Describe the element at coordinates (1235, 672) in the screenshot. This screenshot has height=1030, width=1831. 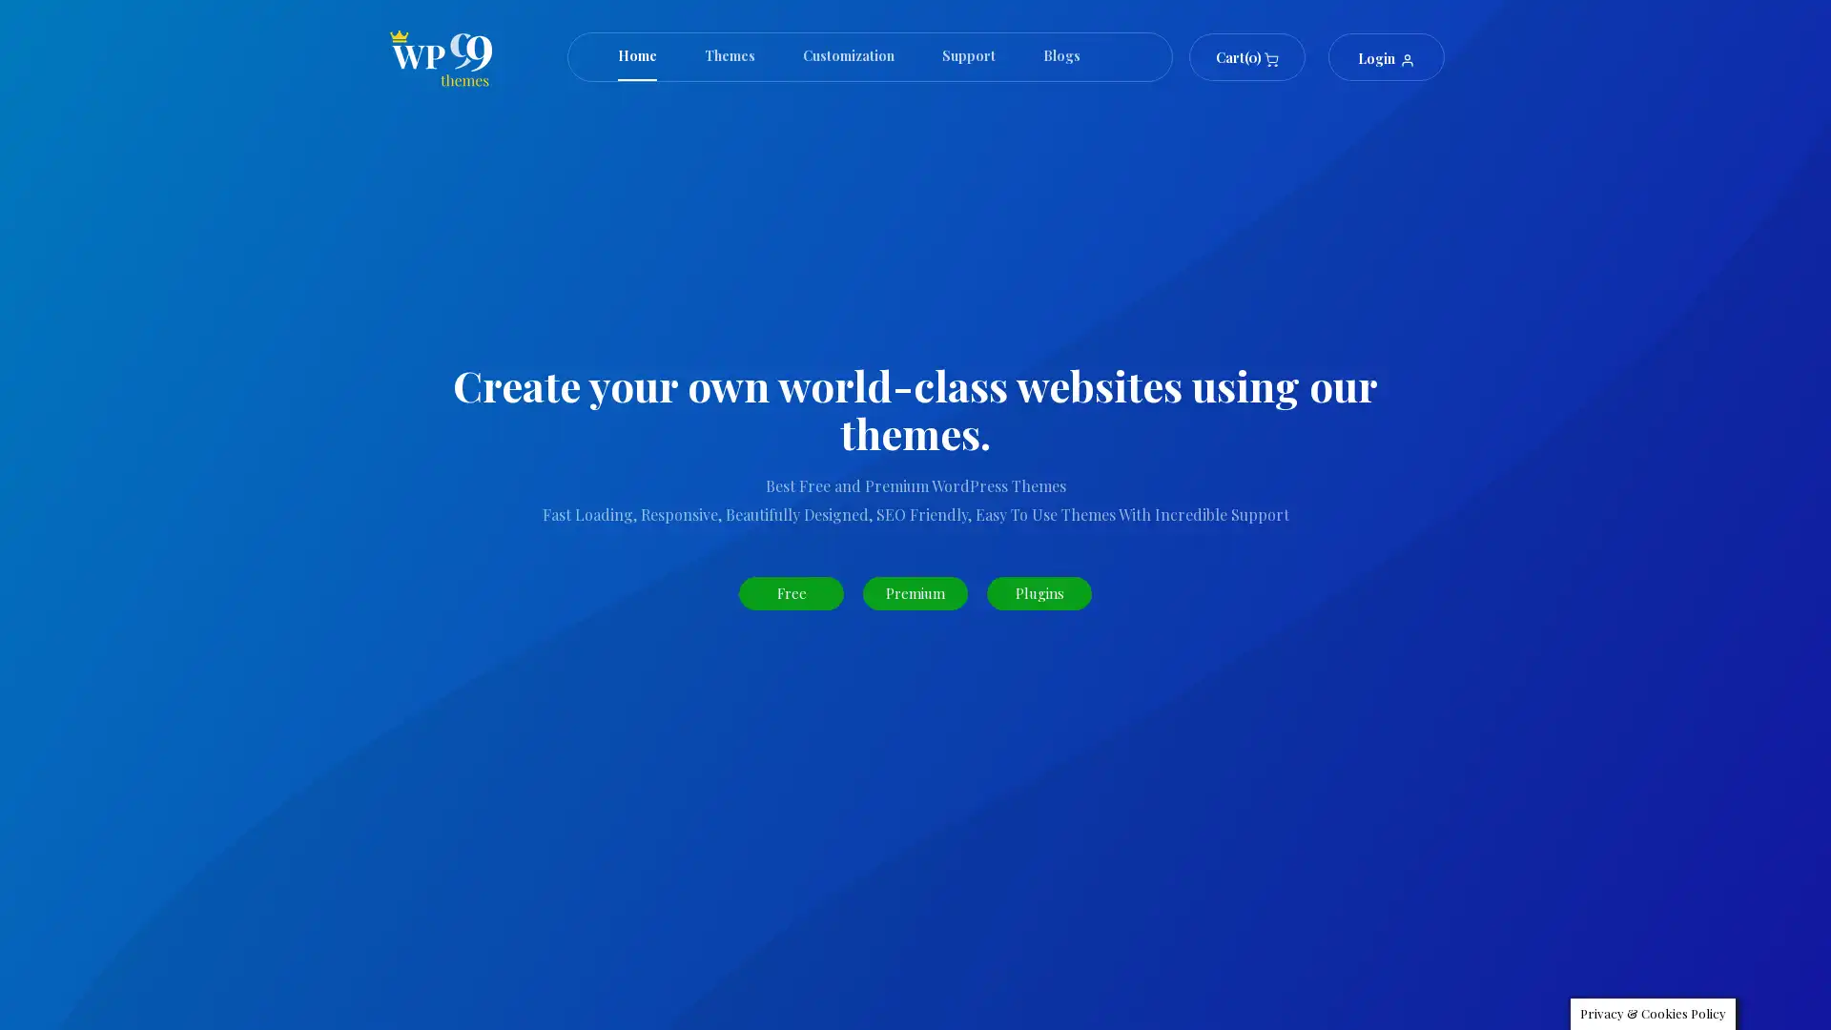
I see `Search` at that location.